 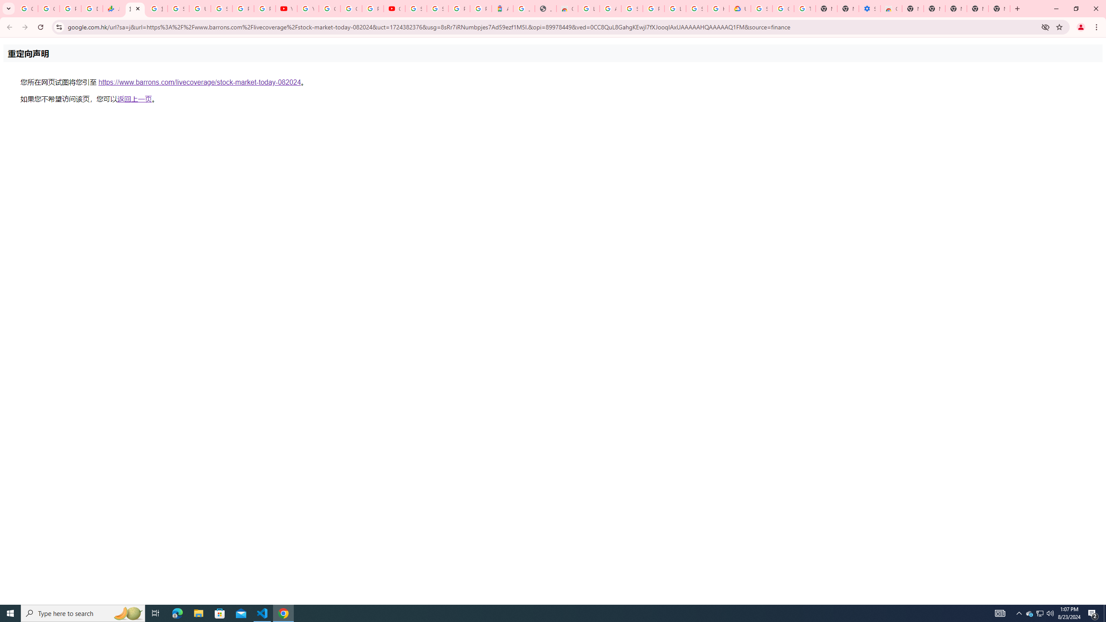 What do you see at coordinates (308, 8) in the screenshot?
I see `'YouTube'` at bounding box center [308, 8].